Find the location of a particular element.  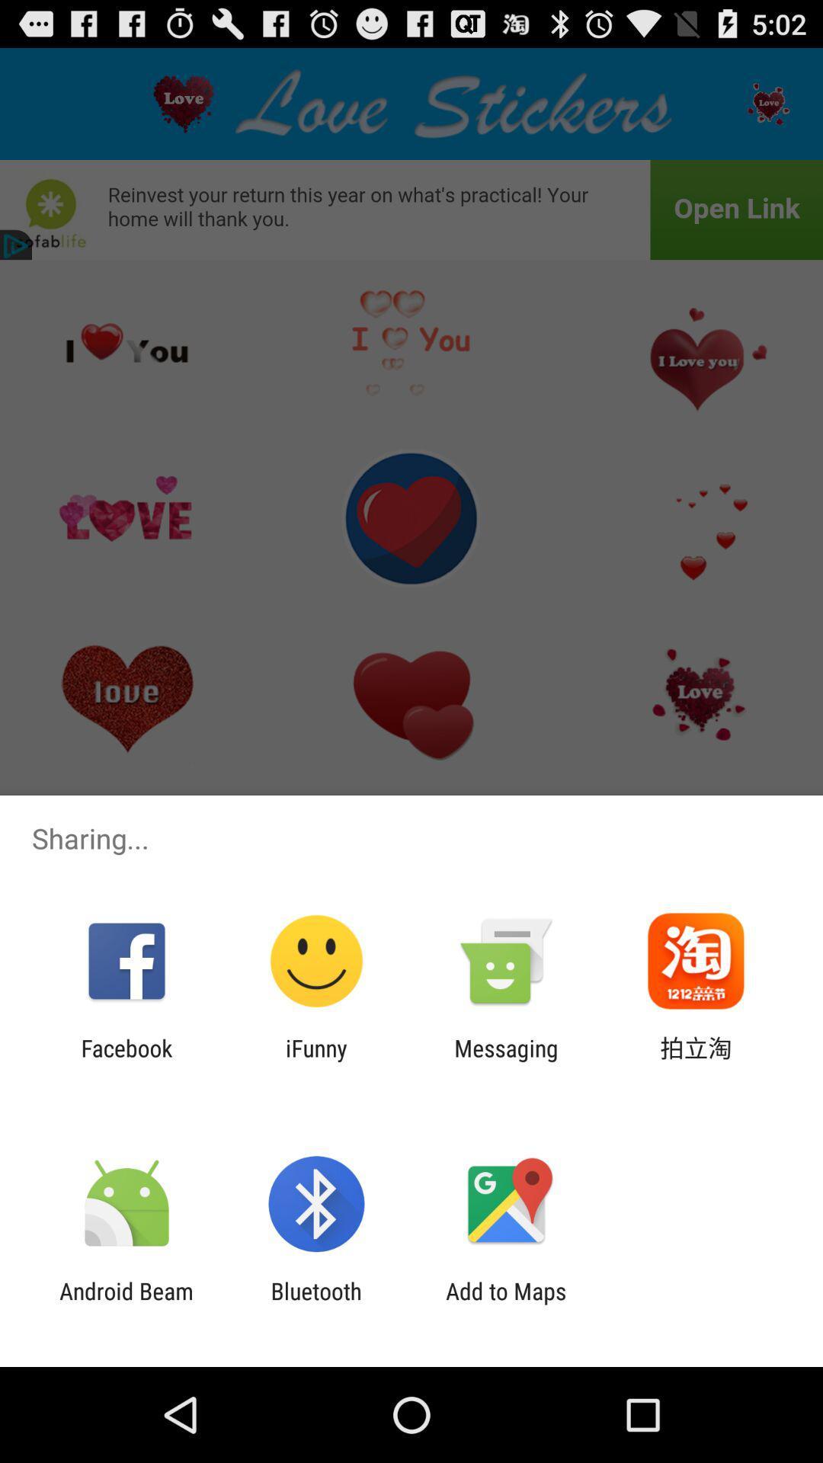

the item to the left of the ifunny is located at coordinates (126, 1061).